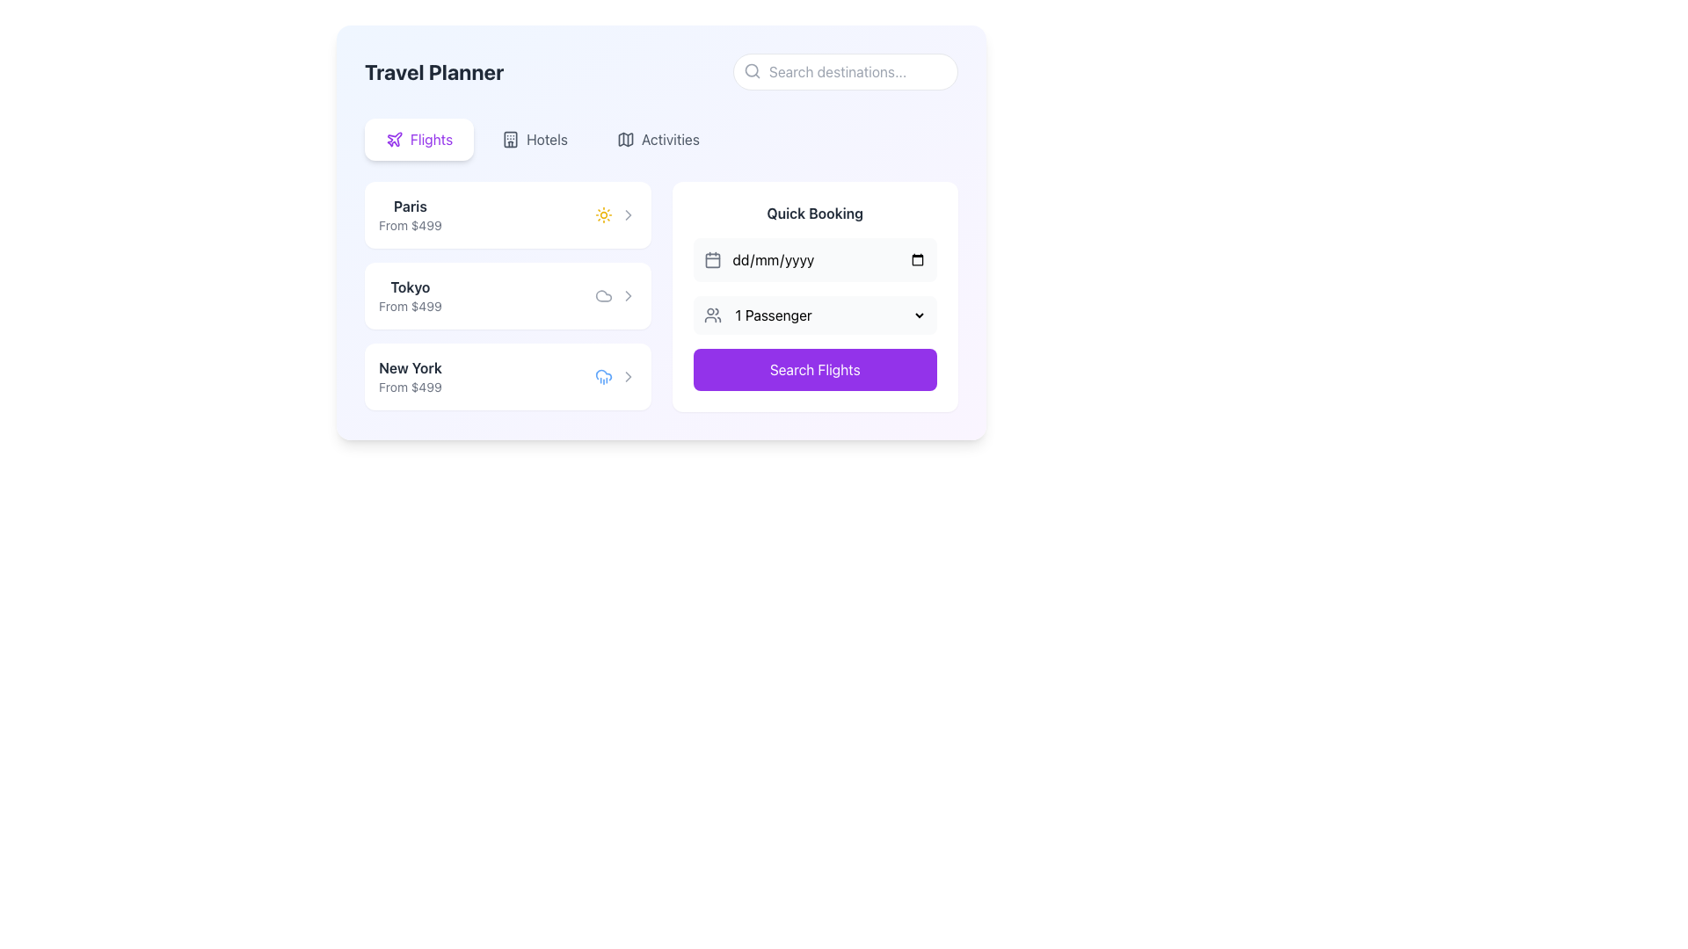 The height and width of the screenshot is (949, 1688). Describe the element at coordinates (603, 214) in the screenshot. I see `the sun icon located next to the 'Paris' label in the left pane, indicating sunny weather conditions` at that location.